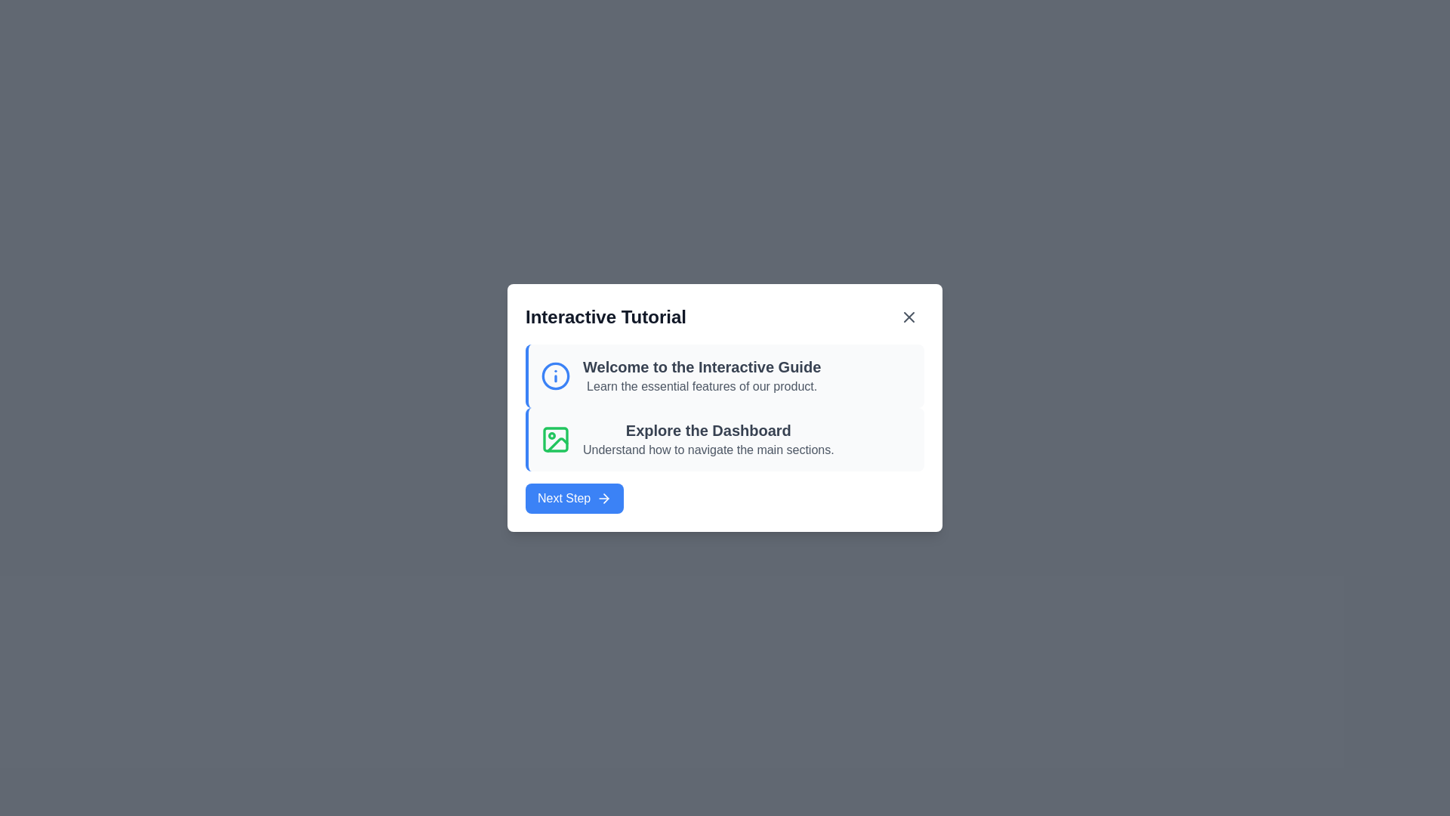 Image resolution: width=1450 pixels, height=816 pixels. What do you see at coordinates (574, 498) in the screenshot?
I see `the rectangular blue button labeled 'Next Step' with rounded corners to change its background color to a darker blue` at bounding box center [574, 498].